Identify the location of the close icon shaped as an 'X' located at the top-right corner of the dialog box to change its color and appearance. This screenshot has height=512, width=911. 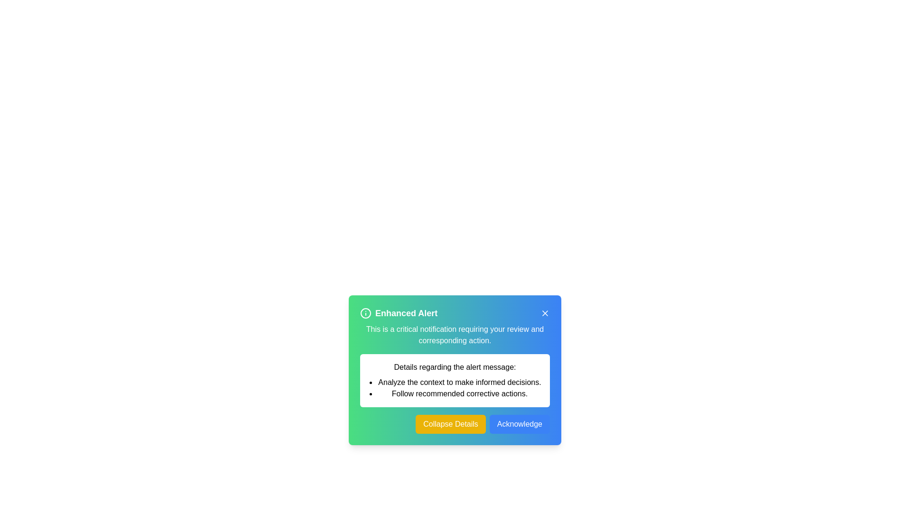
(545, 313).